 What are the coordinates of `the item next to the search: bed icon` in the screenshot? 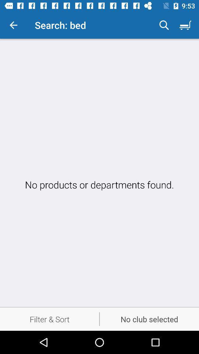 It's located at (13, 25).